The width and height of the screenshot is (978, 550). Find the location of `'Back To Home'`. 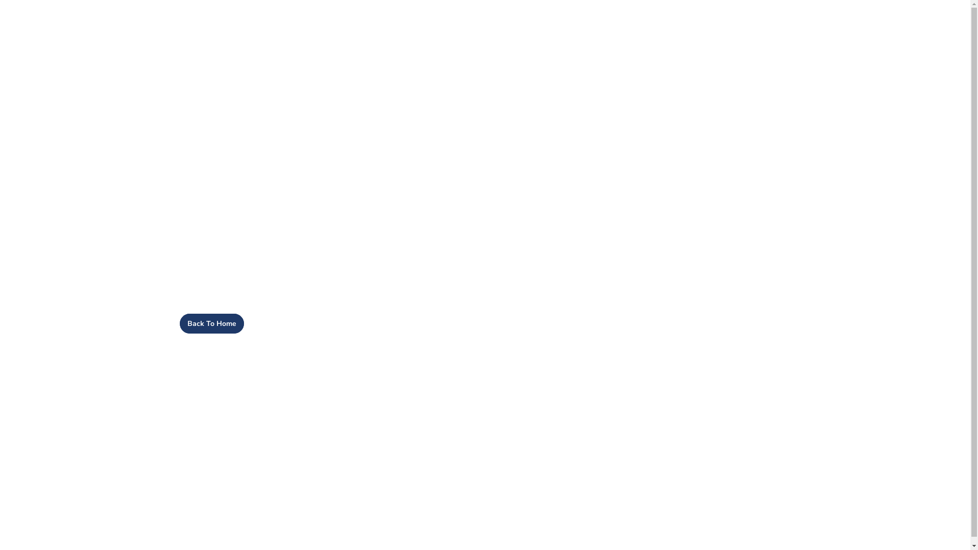

'Back To Home' is located at coordinates (179, 323).